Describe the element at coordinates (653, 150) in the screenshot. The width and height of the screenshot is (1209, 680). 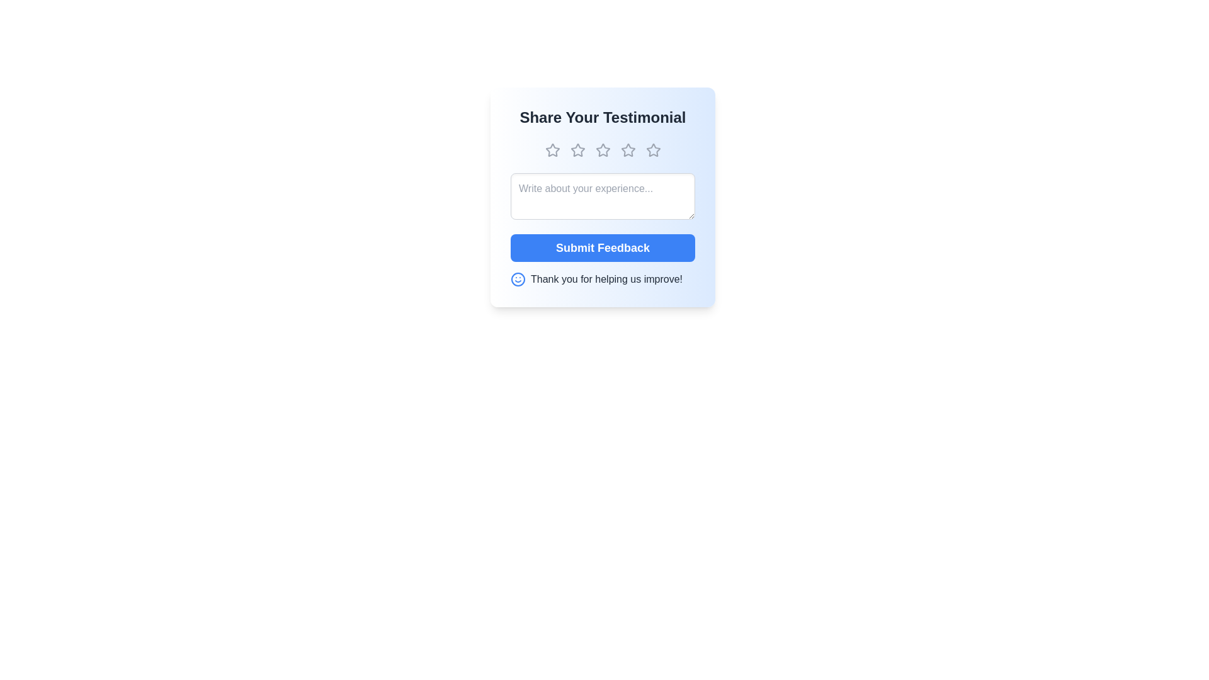
I see `the star corresponding to the desired rating of 5` at that location.